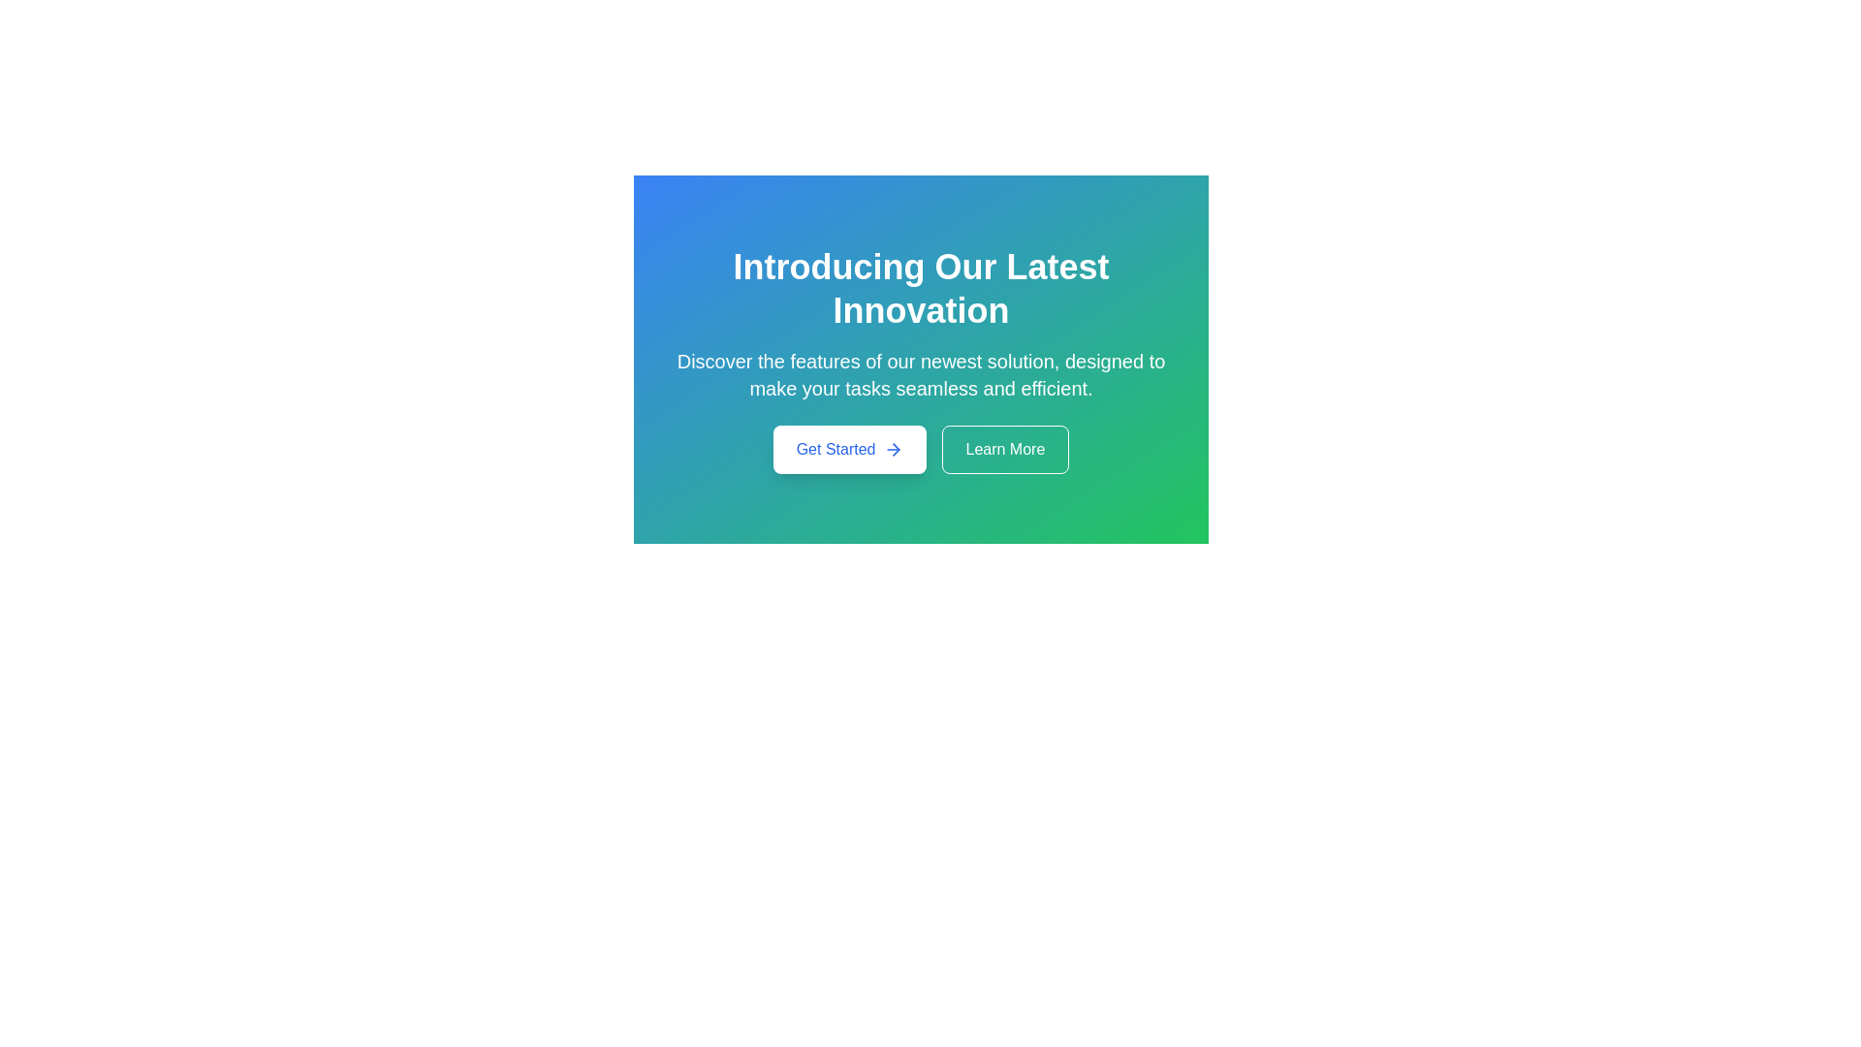 This screenshot has width=1861, height=1047. I want to click on the 'Get Started' button, which has rounded edges, a white background, and blue text, so click(849, 449).